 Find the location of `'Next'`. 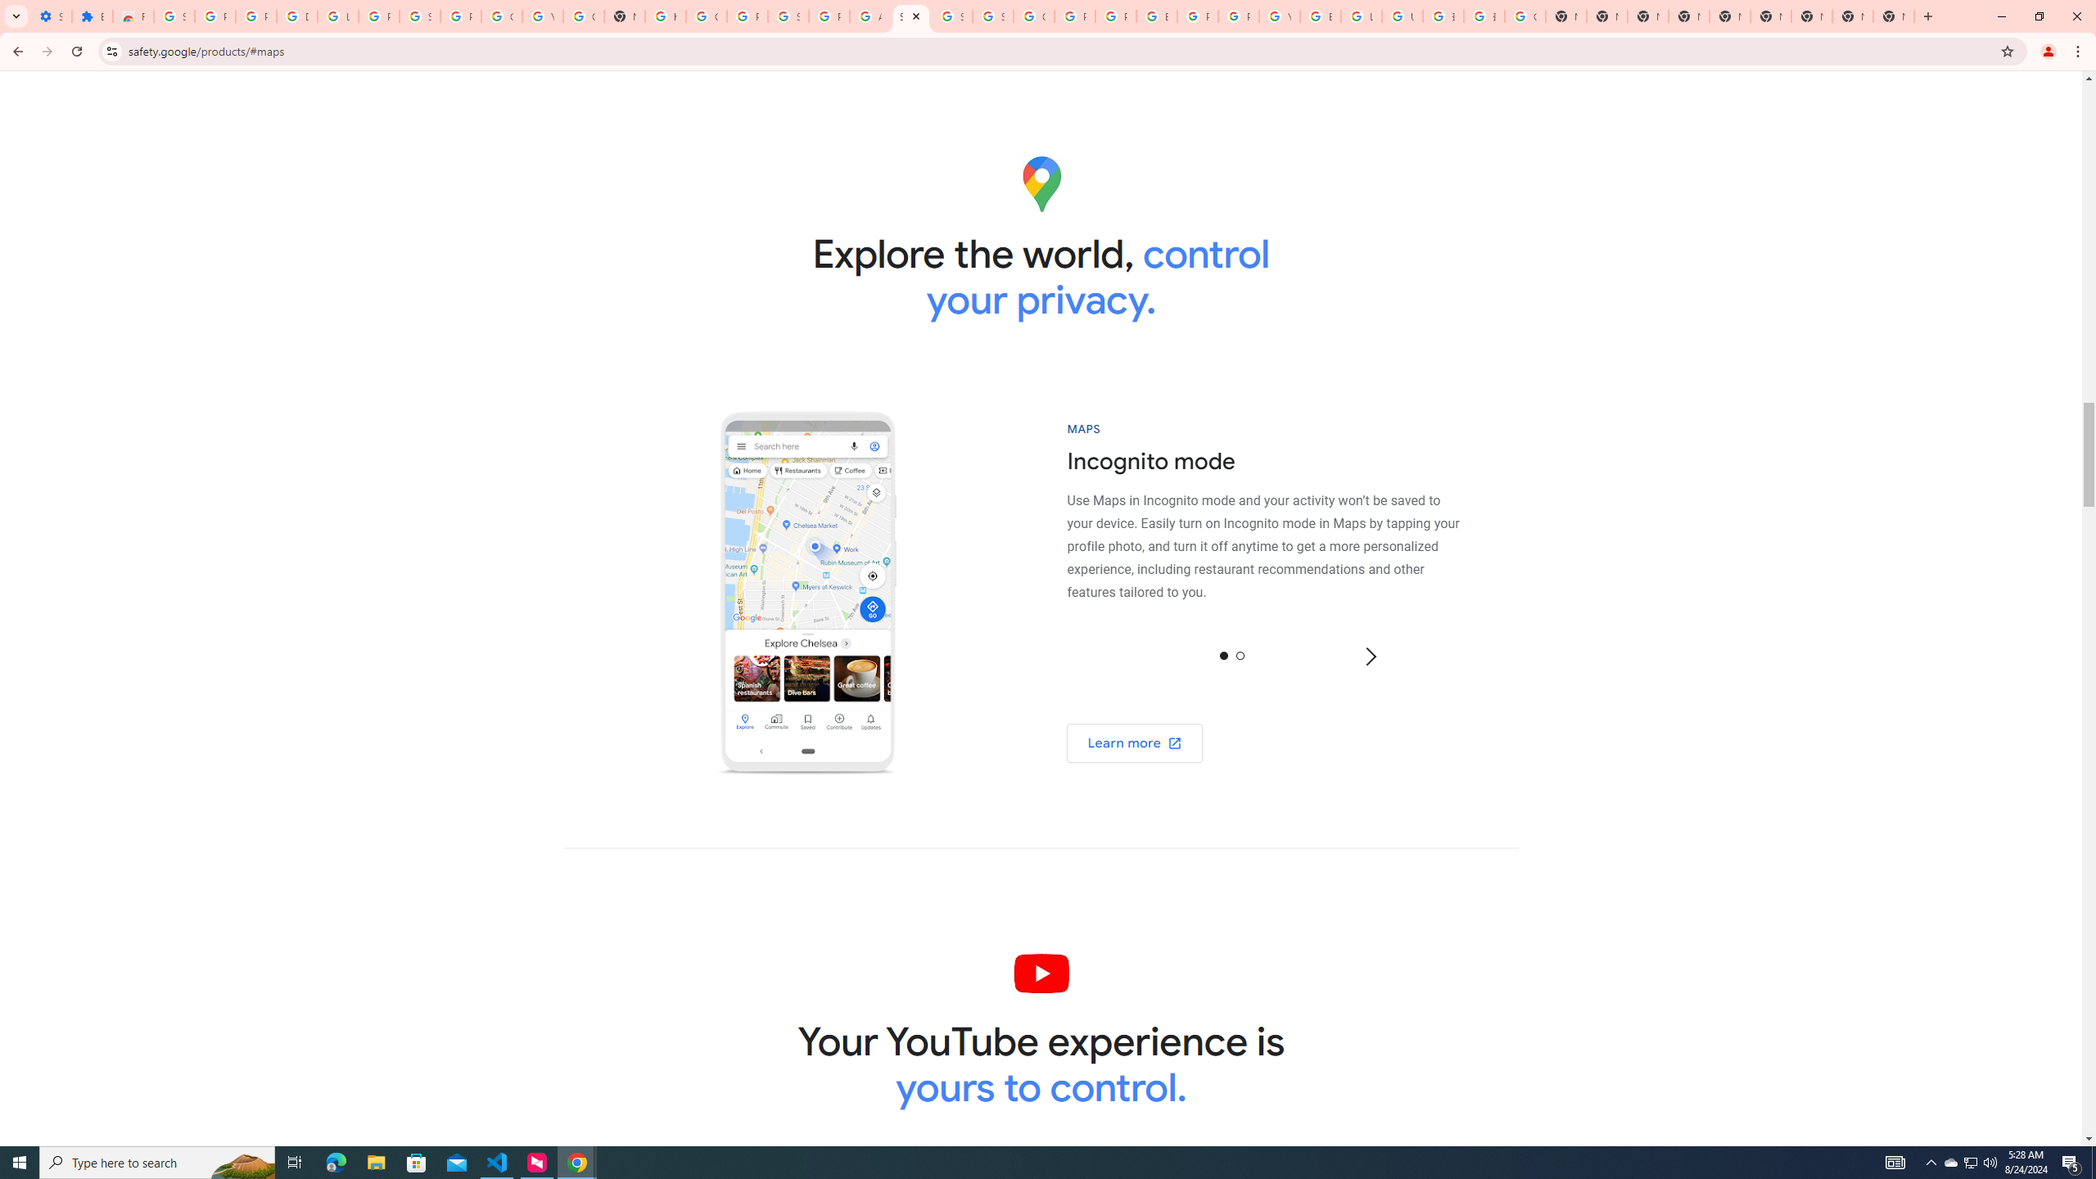

'Next' is located at coordinates (1368, 655).